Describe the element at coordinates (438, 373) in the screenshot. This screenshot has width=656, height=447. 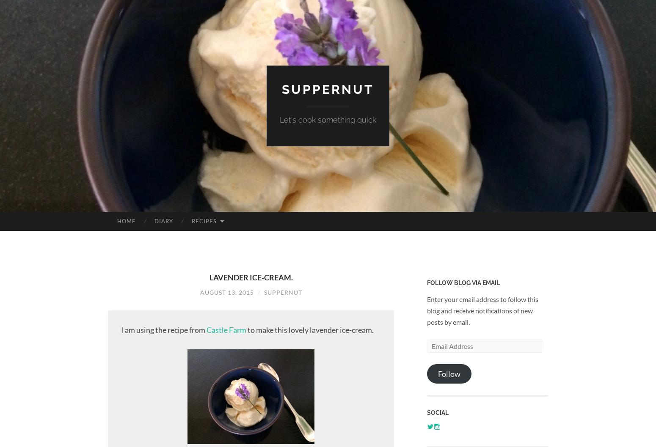
I see `'Follow'` at that location.